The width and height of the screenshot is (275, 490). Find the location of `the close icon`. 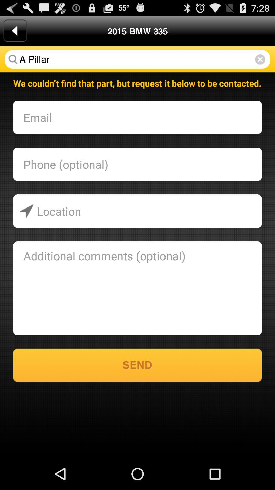

the close icon is located at coordinates (260, 63).